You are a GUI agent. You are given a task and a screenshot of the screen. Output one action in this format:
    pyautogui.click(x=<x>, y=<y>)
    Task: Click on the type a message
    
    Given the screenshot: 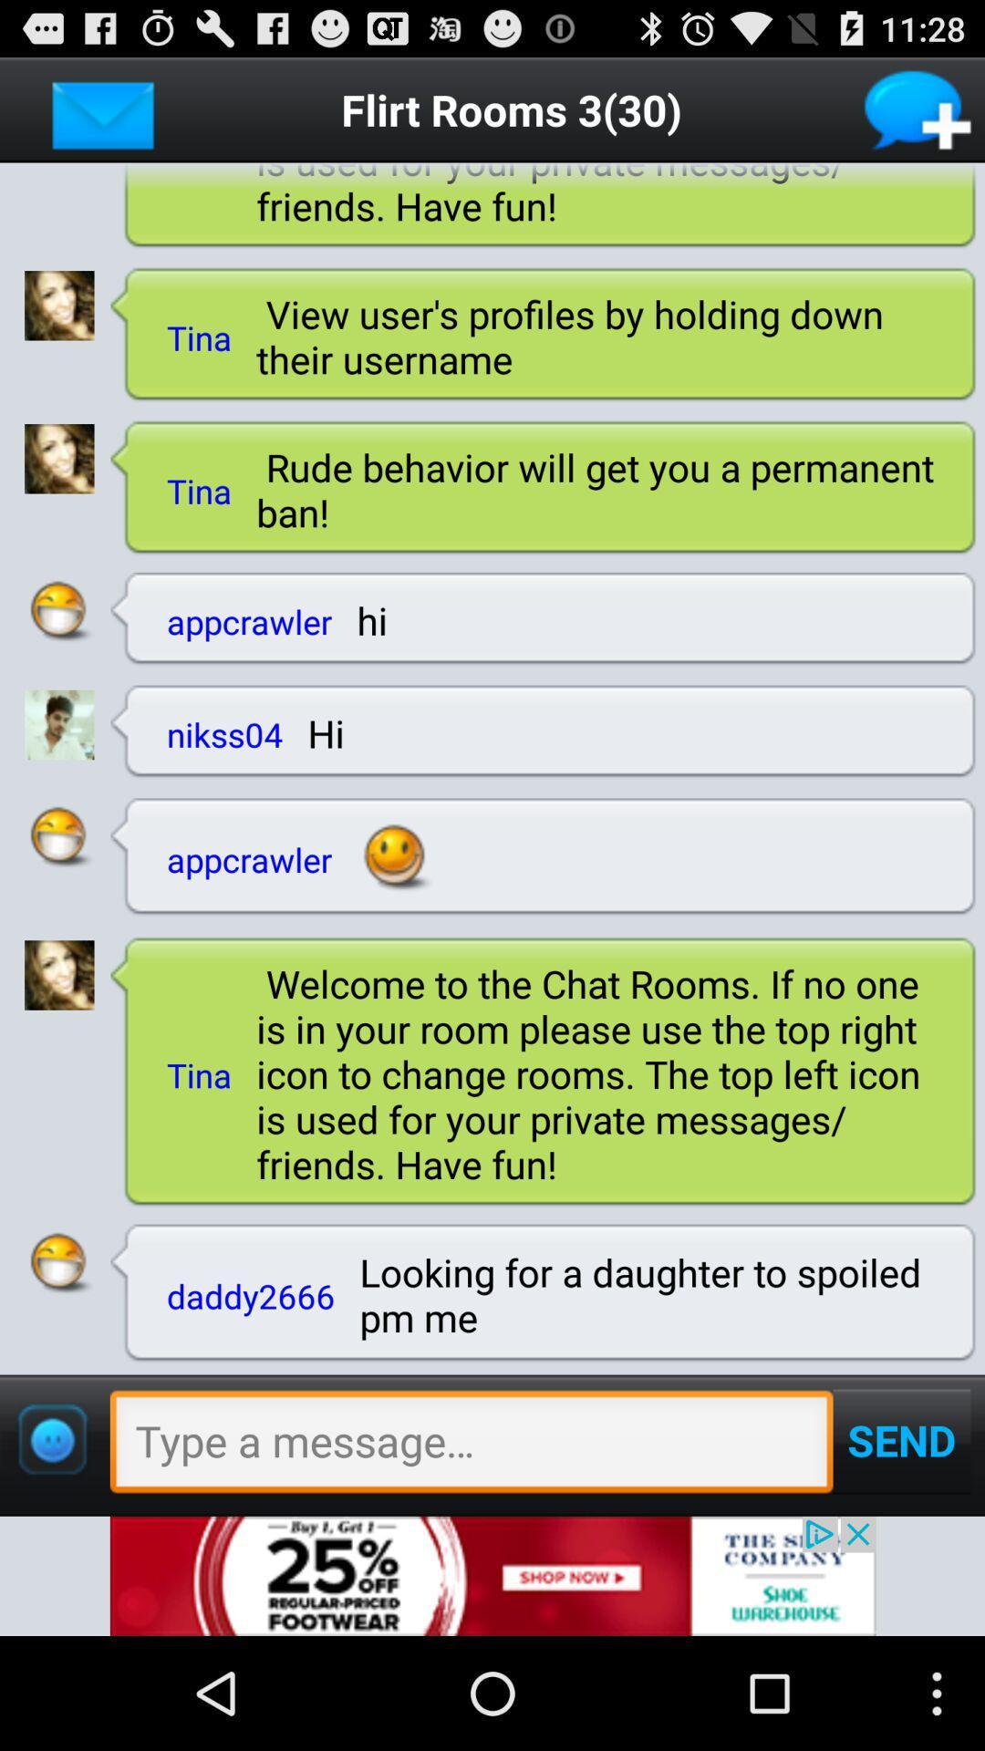 What is the action you would take?
    pyautogui.click(x=471, y=1445)
    